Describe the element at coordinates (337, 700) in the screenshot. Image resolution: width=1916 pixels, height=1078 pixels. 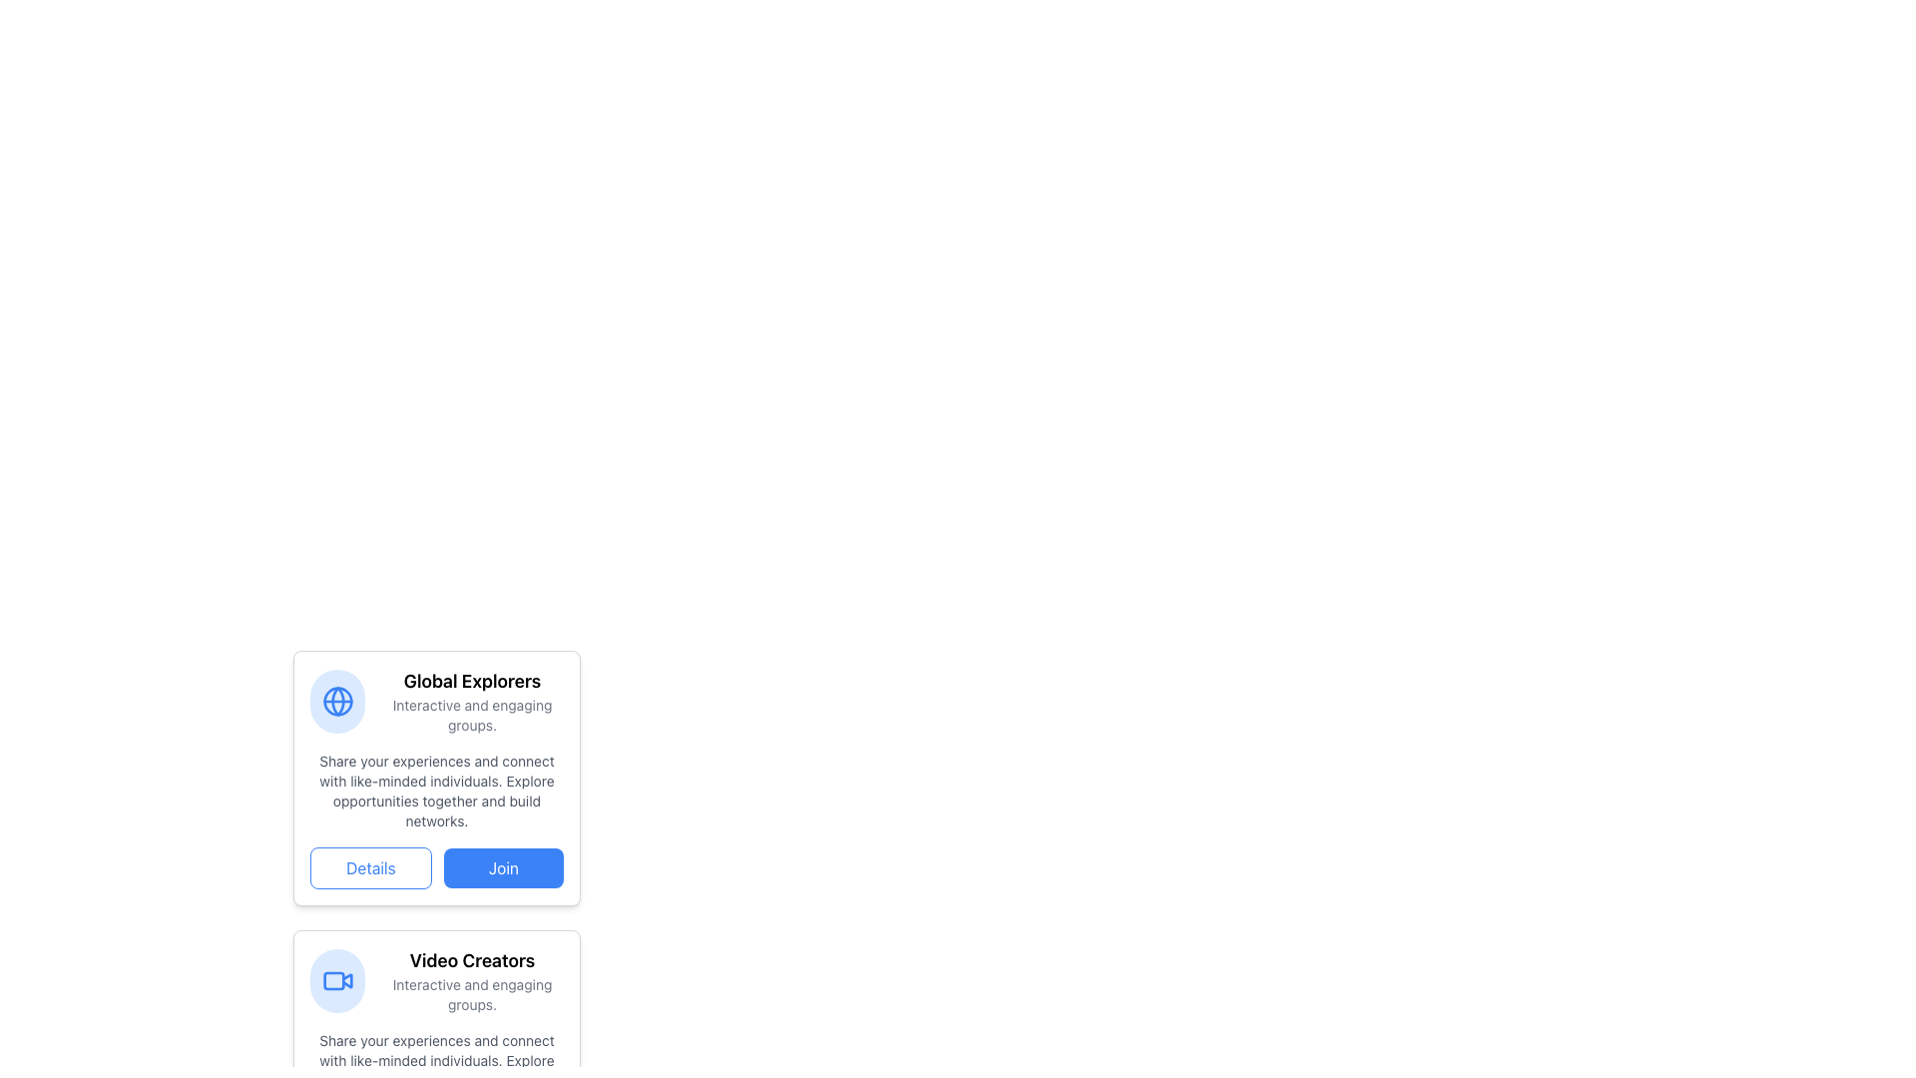
I see `the circular globe icon located at the top-left corner of the 'Global Explorers' card, which is visually distinct with its blue globe illustration against a light blue background` at that location.